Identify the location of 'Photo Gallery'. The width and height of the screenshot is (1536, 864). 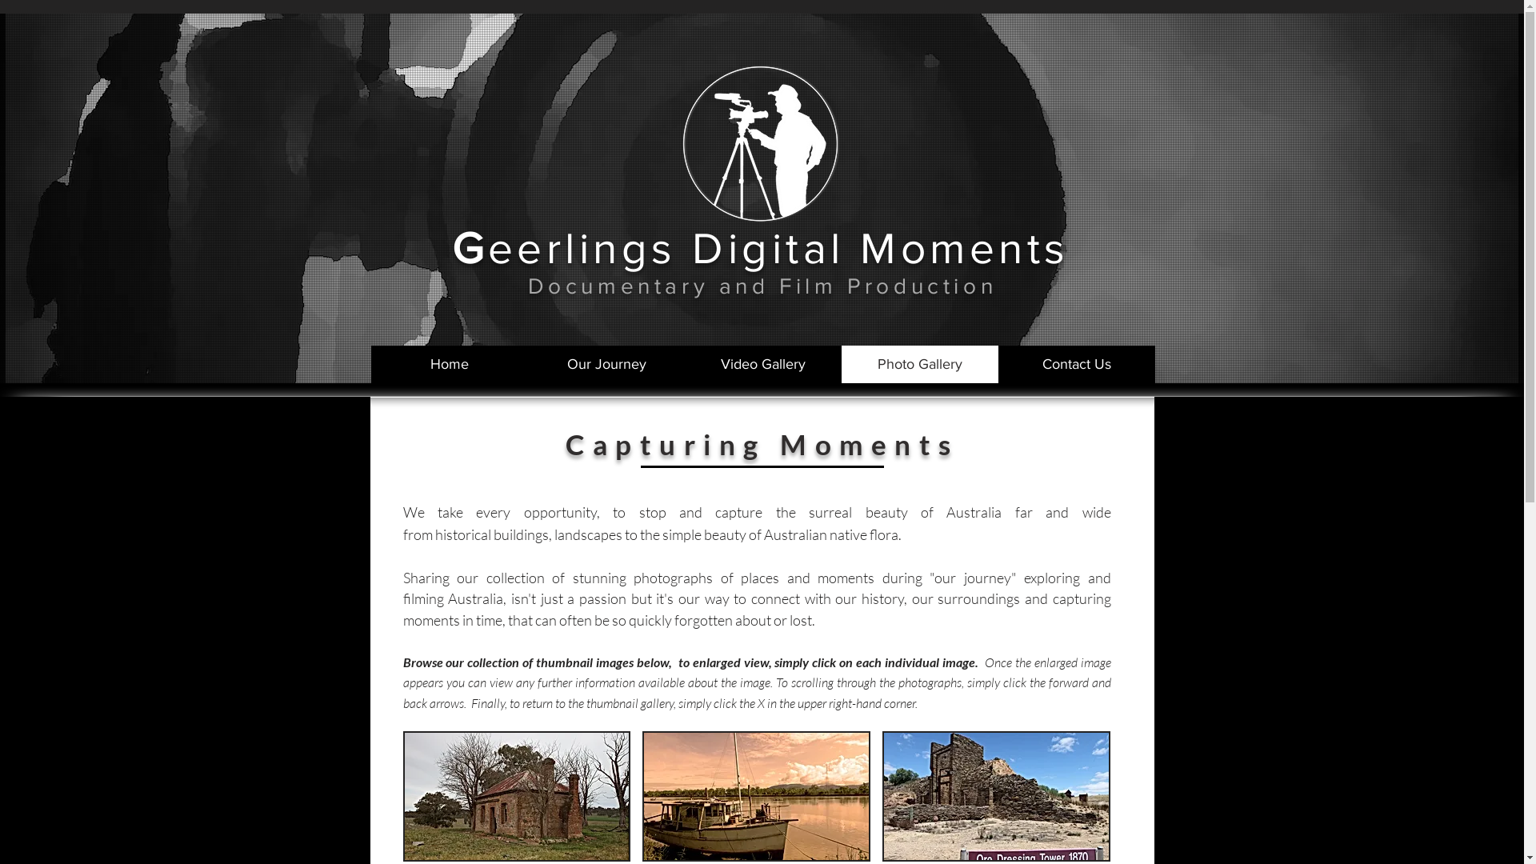
(920, 364).